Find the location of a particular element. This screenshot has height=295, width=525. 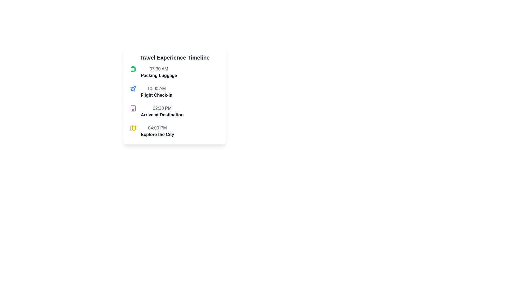

the Text Display element that shows '07:30 AM' and 'Packing Luggage', located in the 'Travel Experience Timeline' section as the topmost entry is located at coordinates (159, 72).